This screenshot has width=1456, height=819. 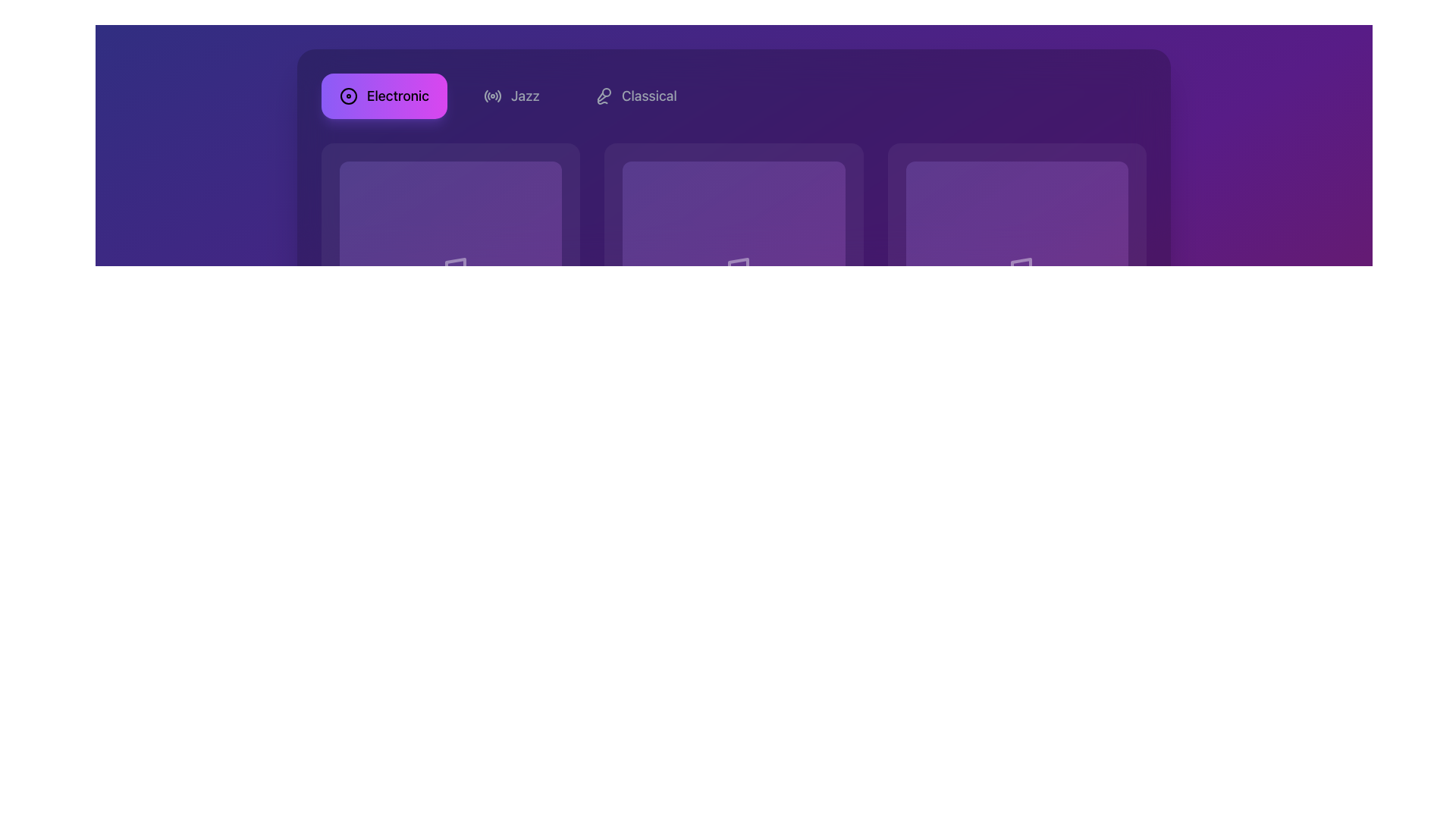 What do you see at coordinates (511, 96) in the screenshot?
I see `the 'Jazz' button, which is the second button in a series of three, styled with a rounded background and a radio wave icon on its left` at bounding box center [511, 96].